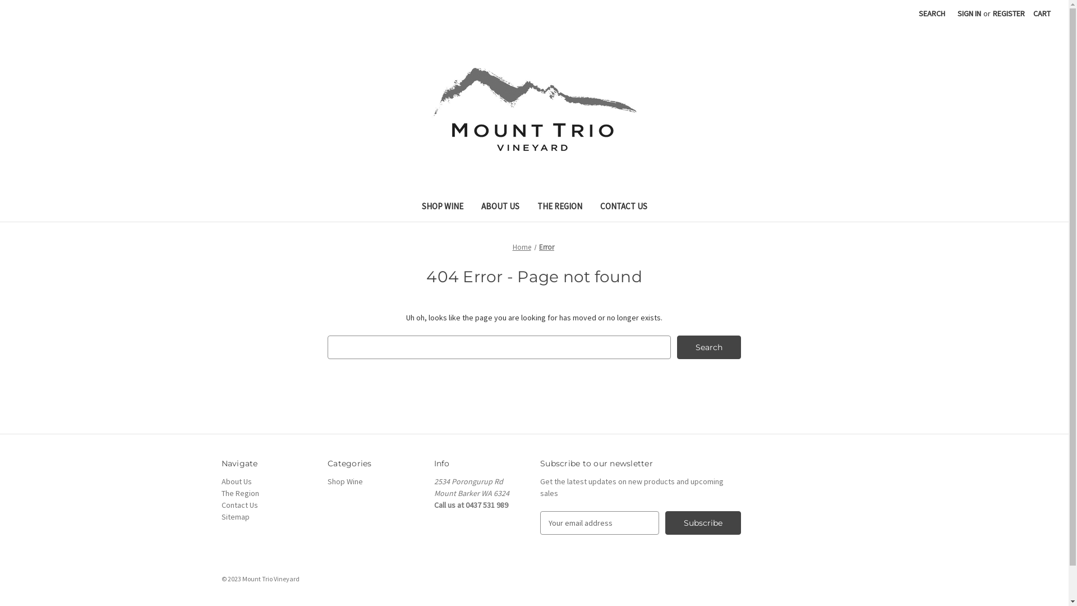 This screenshot has height=606, width=1077. I want to click on 'Home', so click(521, 246).